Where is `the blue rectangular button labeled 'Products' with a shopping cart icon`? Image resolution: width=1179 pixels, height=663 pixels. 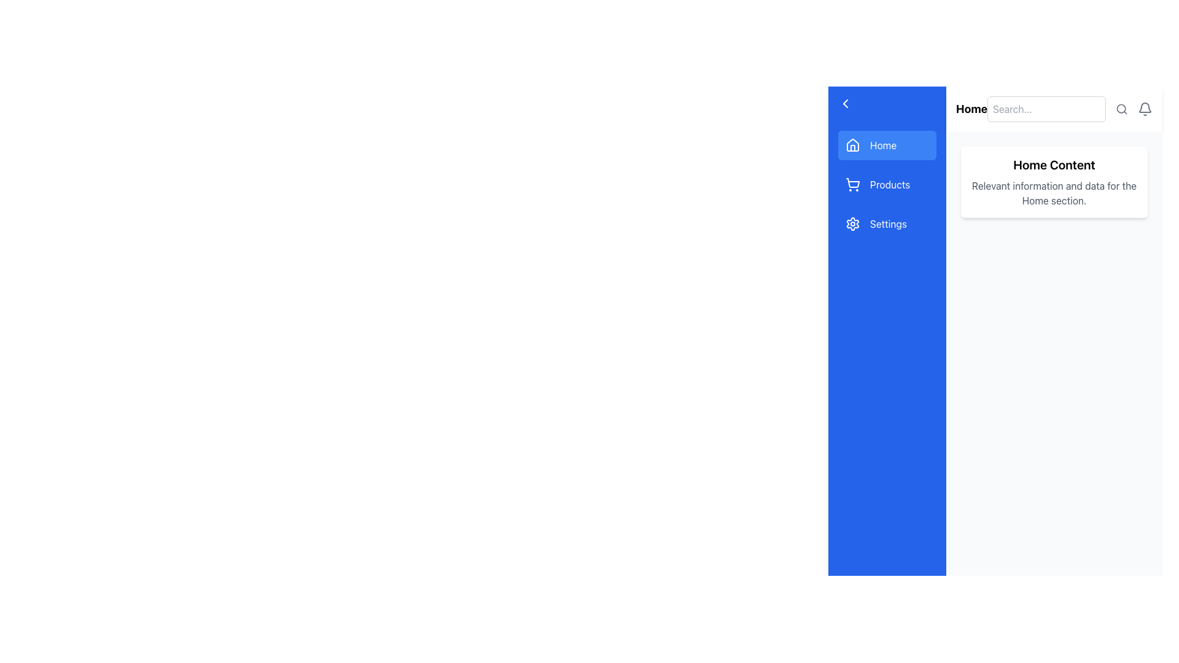 the blue rectangular button labeled 'Products' with a shopping cart icon is located at coordinates (887, 184).